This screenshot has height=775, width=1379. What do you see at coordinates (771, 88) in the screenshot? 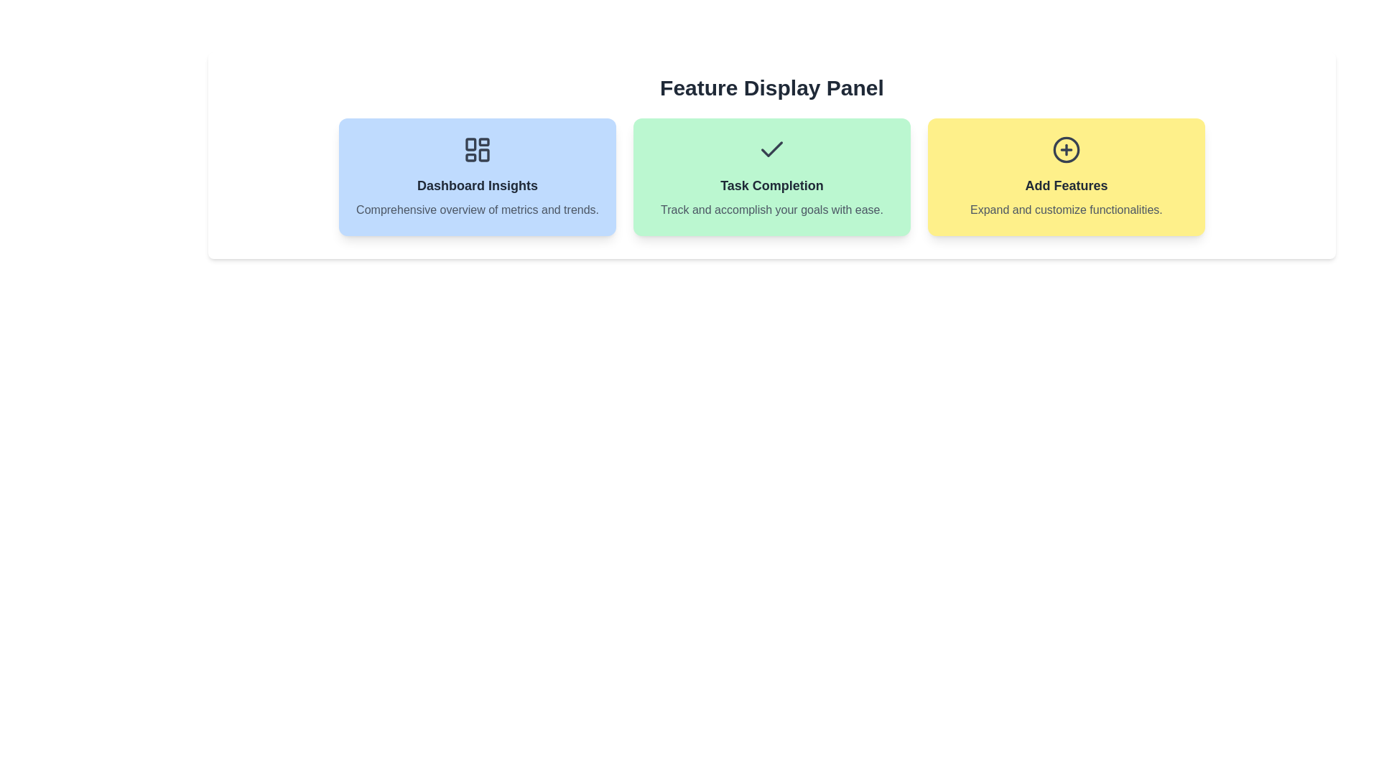
I see `the Text Label (Heading) displaying 'Feature Display Panel' which is centrally located above the feature cards` at bounding box center [771, 88].